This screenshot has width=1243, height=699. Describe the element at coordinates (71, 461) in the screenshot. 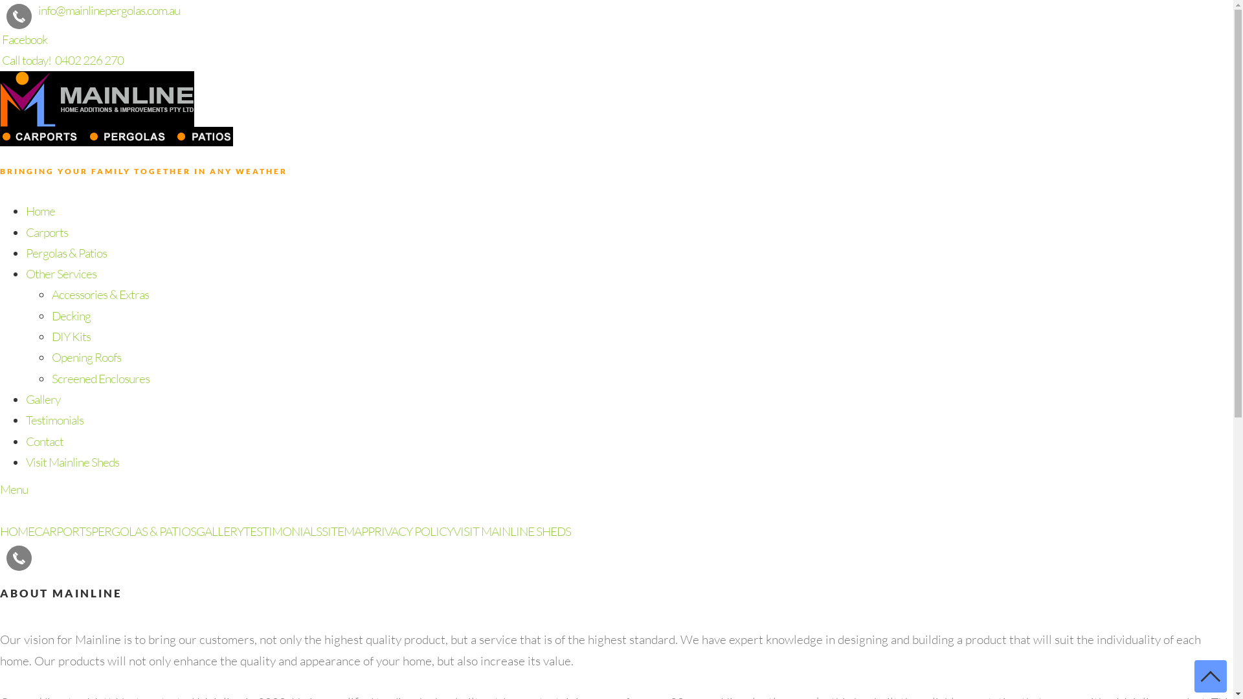

I see `'Visit Mainline Sheds'` at that location.